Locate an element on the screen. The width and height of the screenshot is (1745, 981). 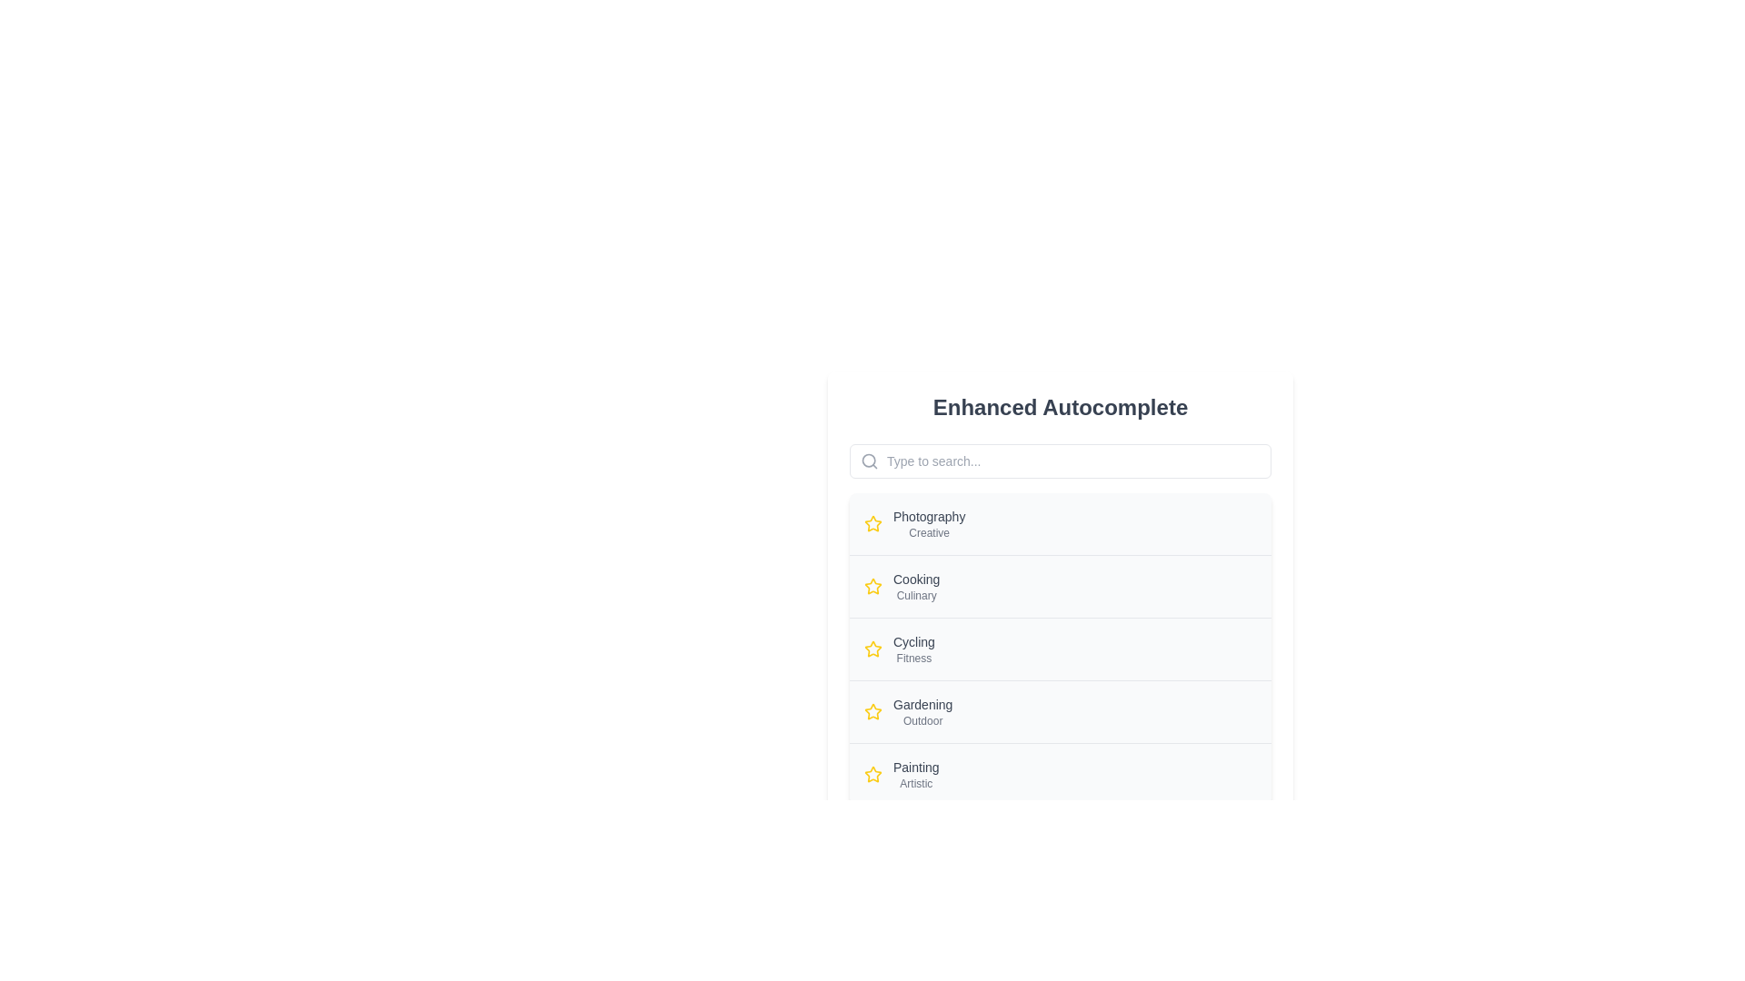
the 'Painting' List Item is located at coordinates (1060, 774).